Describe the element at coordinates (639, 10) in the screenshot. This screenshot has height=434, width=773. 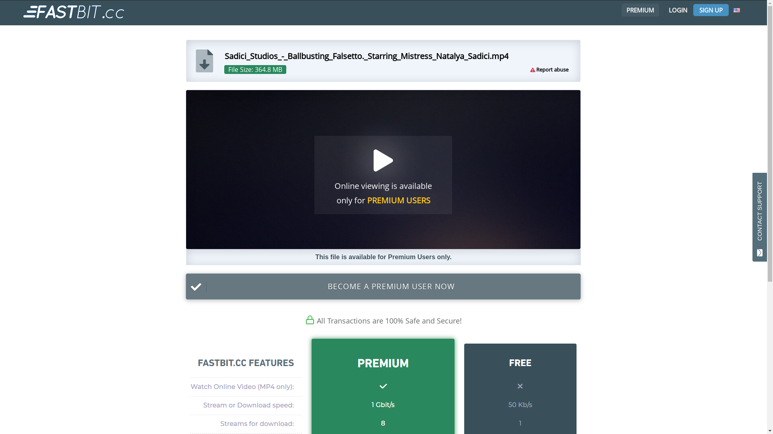
I see `'PREMIUM'` at that location.